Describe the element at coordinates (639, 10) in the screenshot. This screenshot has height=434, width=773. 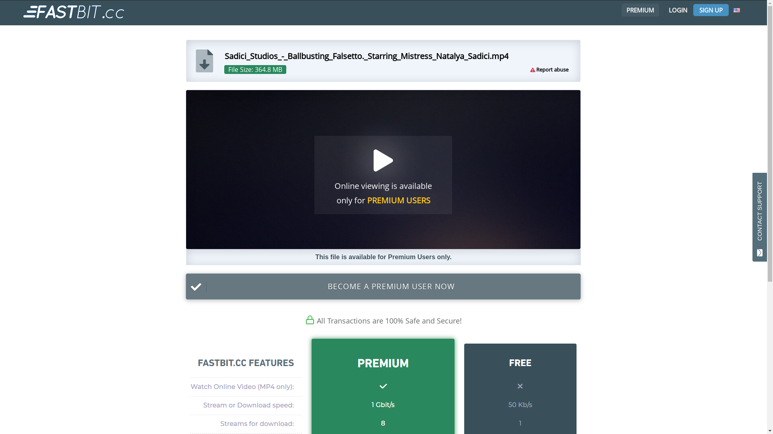
I see `'PREMIUM'` at that location.